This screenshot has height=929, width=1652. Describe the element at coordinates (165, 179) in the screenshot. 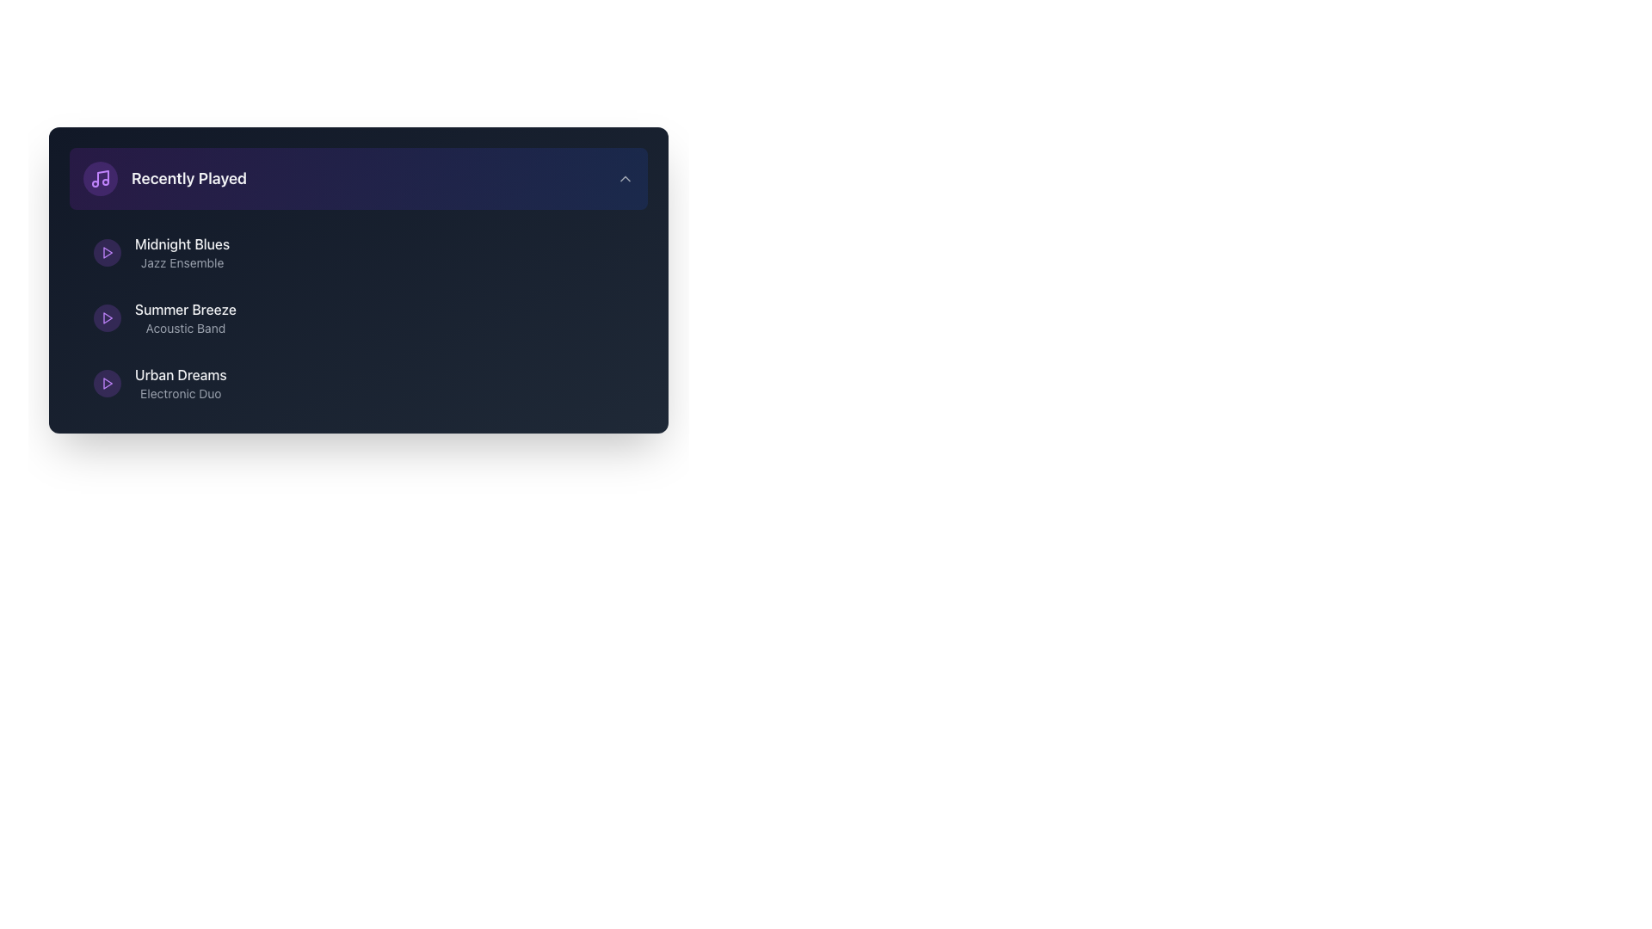

I see `the 'Recently Played' text label with a music note icon` at that location.